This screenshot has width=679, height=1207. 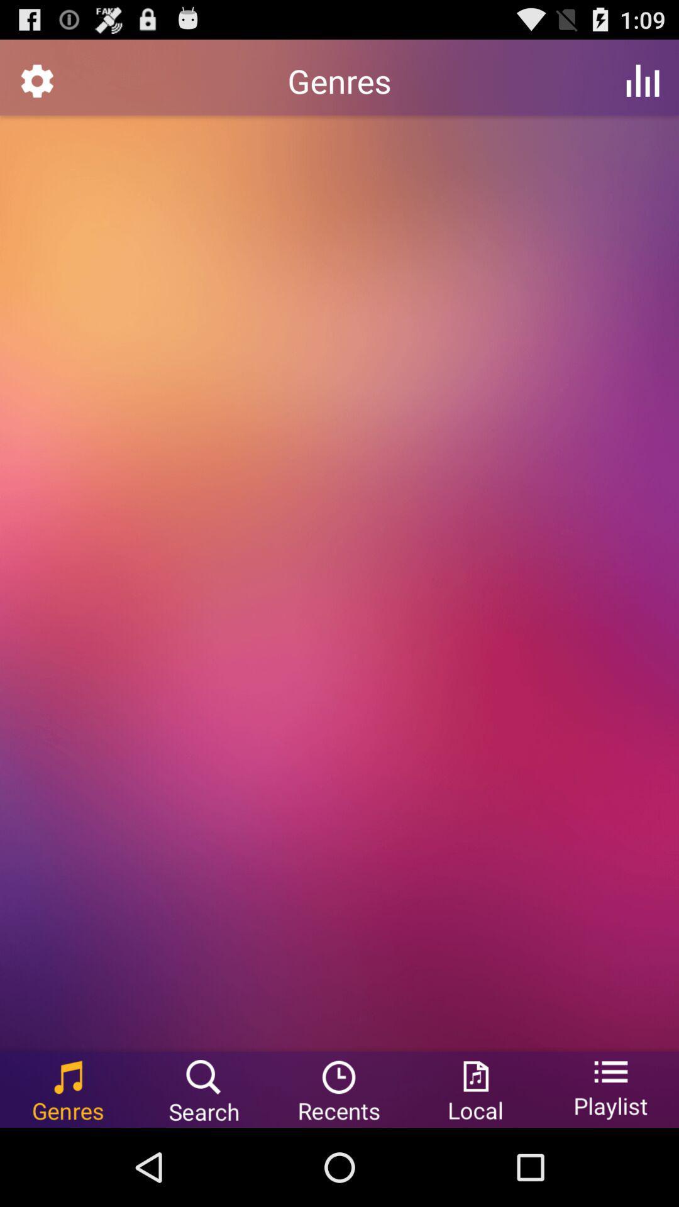 What do you see at coordinates (643, 80) in the screenshot?
I see `icon at the top right corner` at bounding box center [643, 80].